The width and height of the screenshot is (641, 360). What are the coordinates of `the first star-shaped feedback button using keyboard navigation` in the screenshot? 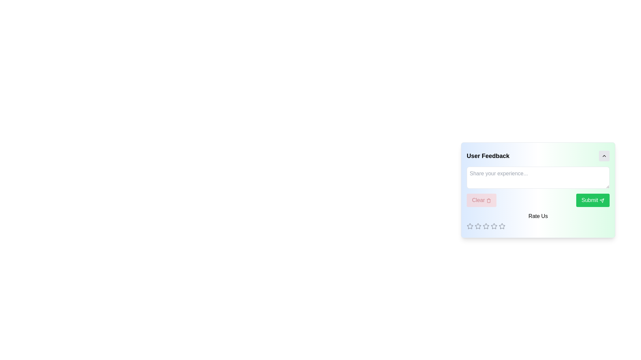 It's located at (477, 226).